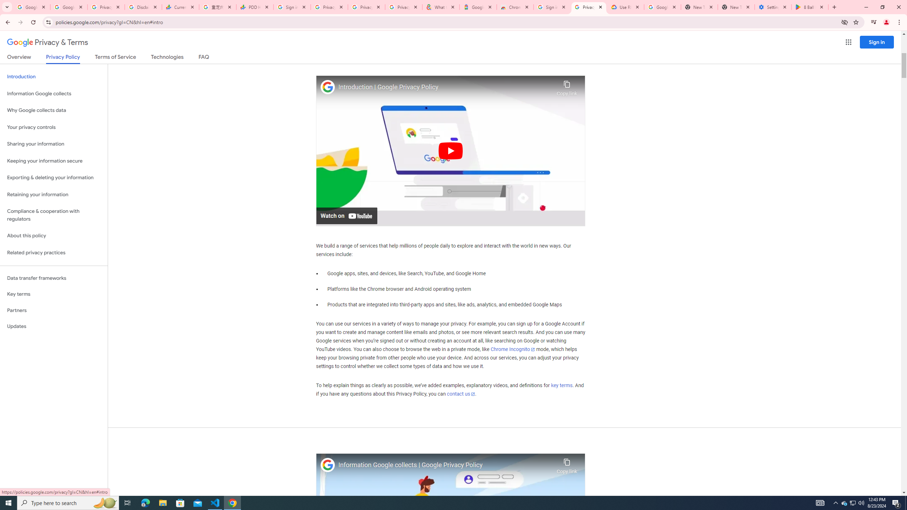  I want to click on 'Your privacy controls', so click(53, 127).